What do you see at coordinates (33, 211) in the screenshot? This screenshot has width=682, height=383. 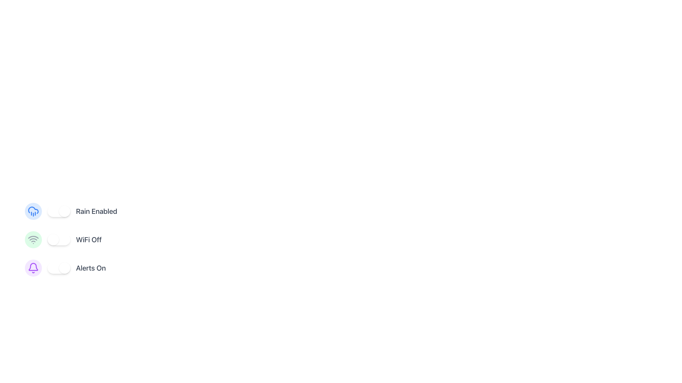 I see `the decorative graphical icon indicating 'Rain Enabled', which is the first in a vertical alignment of icons above 'WiFi Off' and 'Alerts On'` at bounding box center [33, 211].